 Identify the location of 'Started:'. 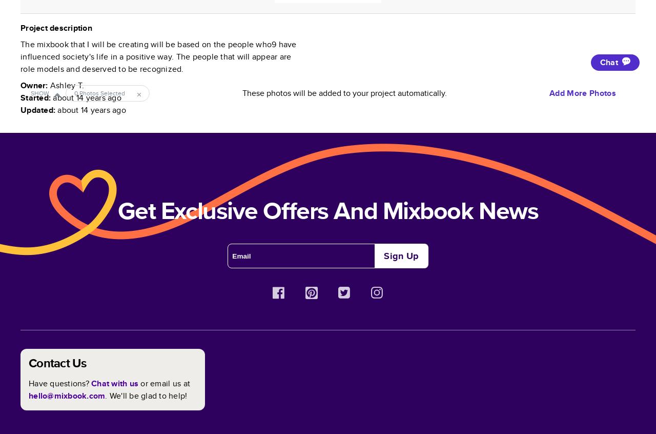
(35, 97).